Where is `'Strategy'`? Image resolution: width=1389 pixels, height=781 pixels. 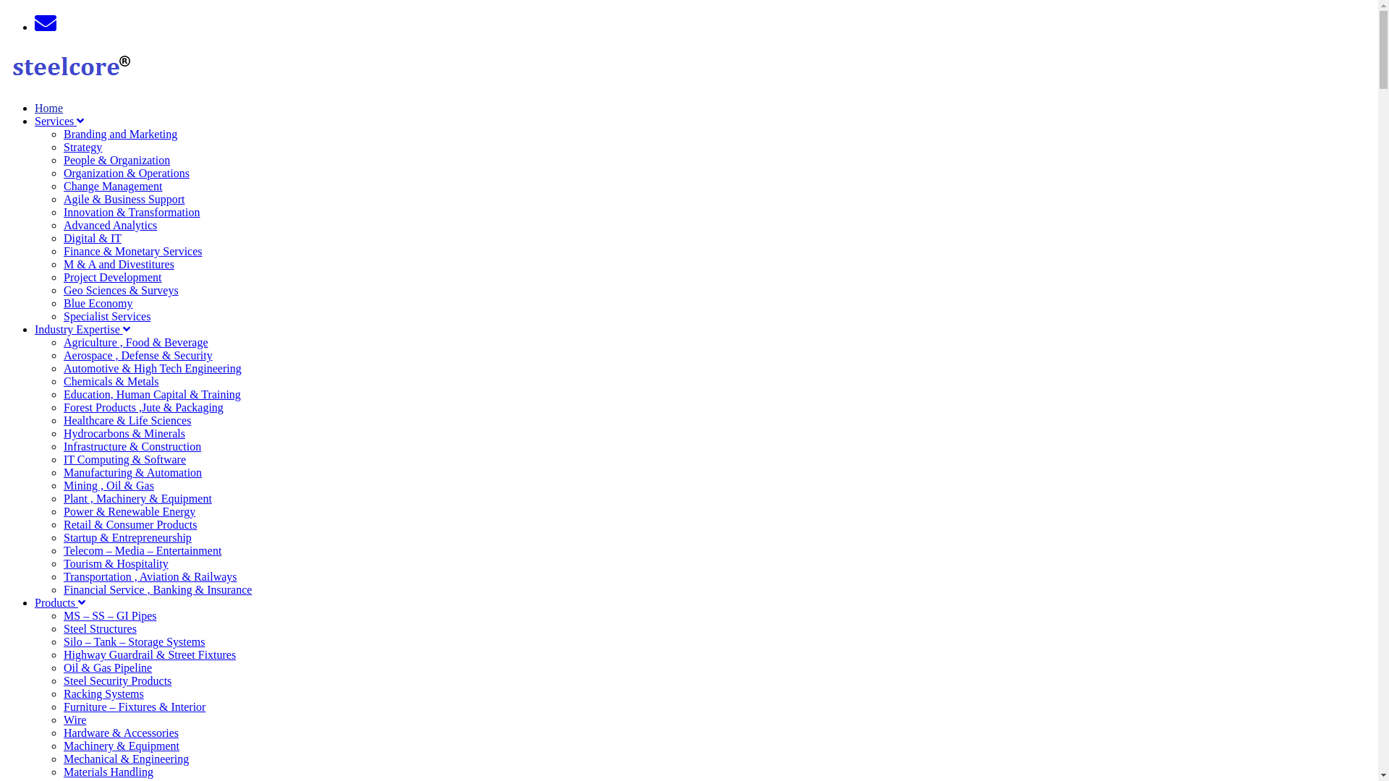
'Strategy' is located at coordinates (82, 147).